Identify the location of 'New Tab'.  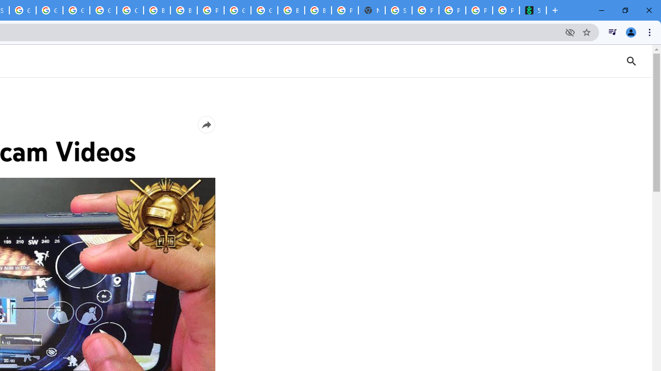
(372, 10).